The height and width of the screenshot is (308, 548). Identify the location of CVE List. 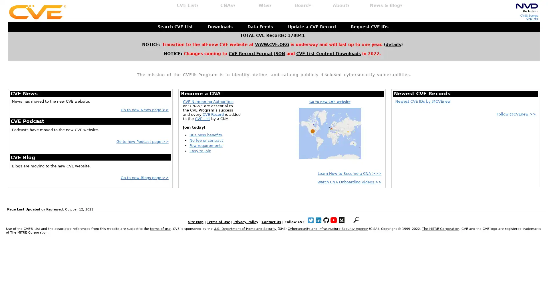
(188, 5).